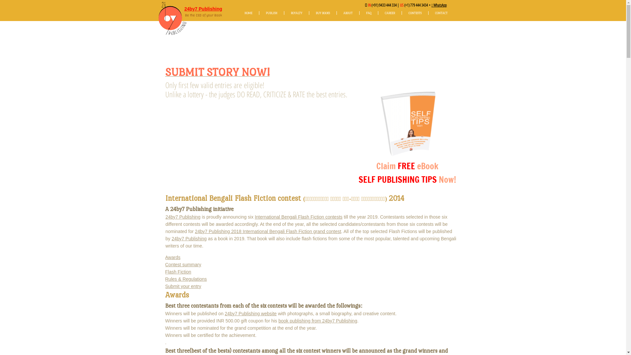 Image resolution: width=631 pixels, height=355 pixels. I want to click on 'SUBMIT STORY NOW!', so click(217, 74).